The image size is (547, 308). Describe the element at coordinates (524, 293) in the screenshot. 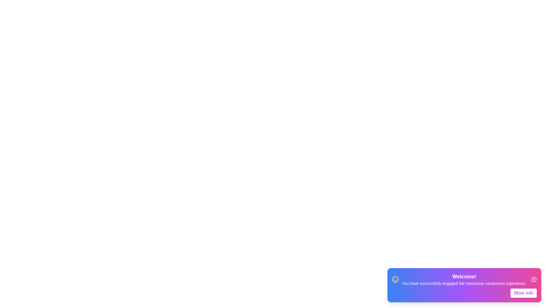

I see `the 'More Info' button to access additional information` at that location.